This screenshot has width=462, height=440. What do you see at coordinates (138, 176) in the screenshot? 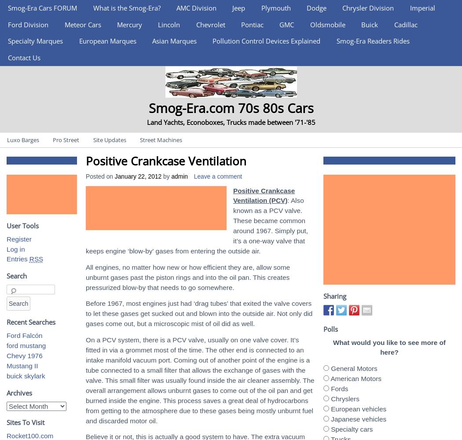
I see `'January 22, 2012'` at bounding box center [138, 176].